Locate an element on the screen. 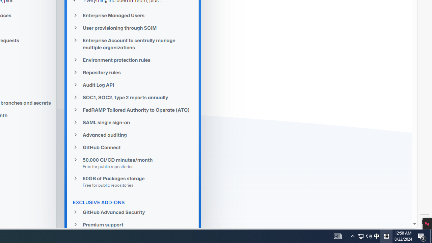  'SOC1, SOC2, type 2 reports annually' is located at coordinates (133, 98).